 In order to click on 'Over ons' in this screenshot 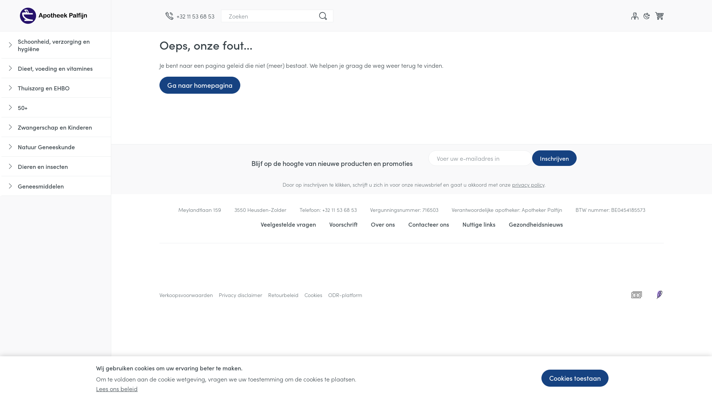, I will do `click(383, 224)`.